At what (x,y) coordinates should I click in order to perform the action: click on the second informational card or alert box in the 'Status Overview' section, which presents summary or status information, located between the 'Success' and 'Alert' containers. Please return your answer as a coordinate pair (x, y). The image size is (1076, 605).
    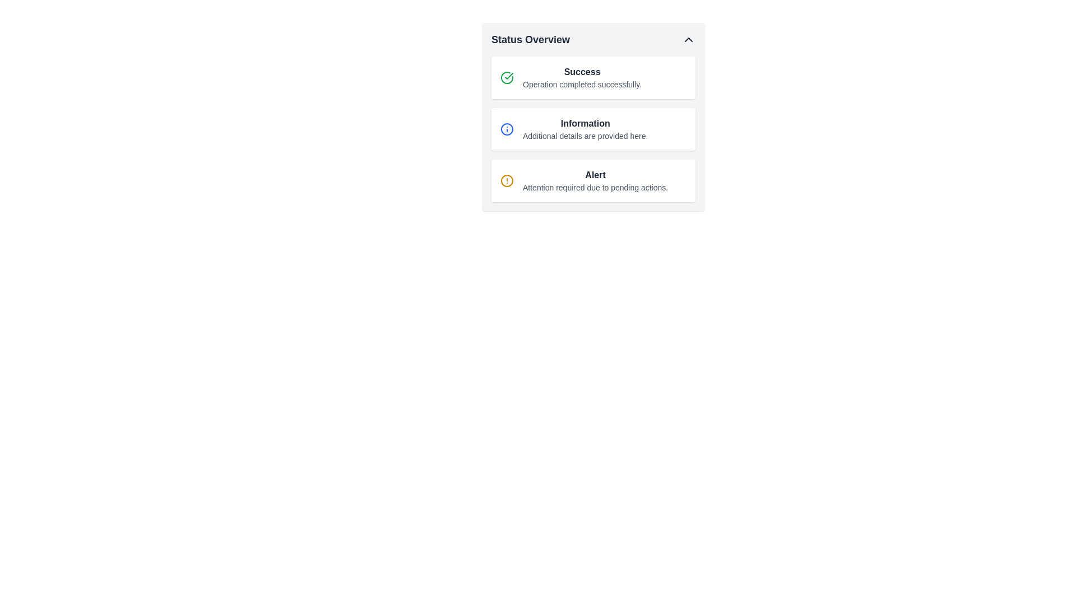
    Looking at the image, I should click on (593, 129).